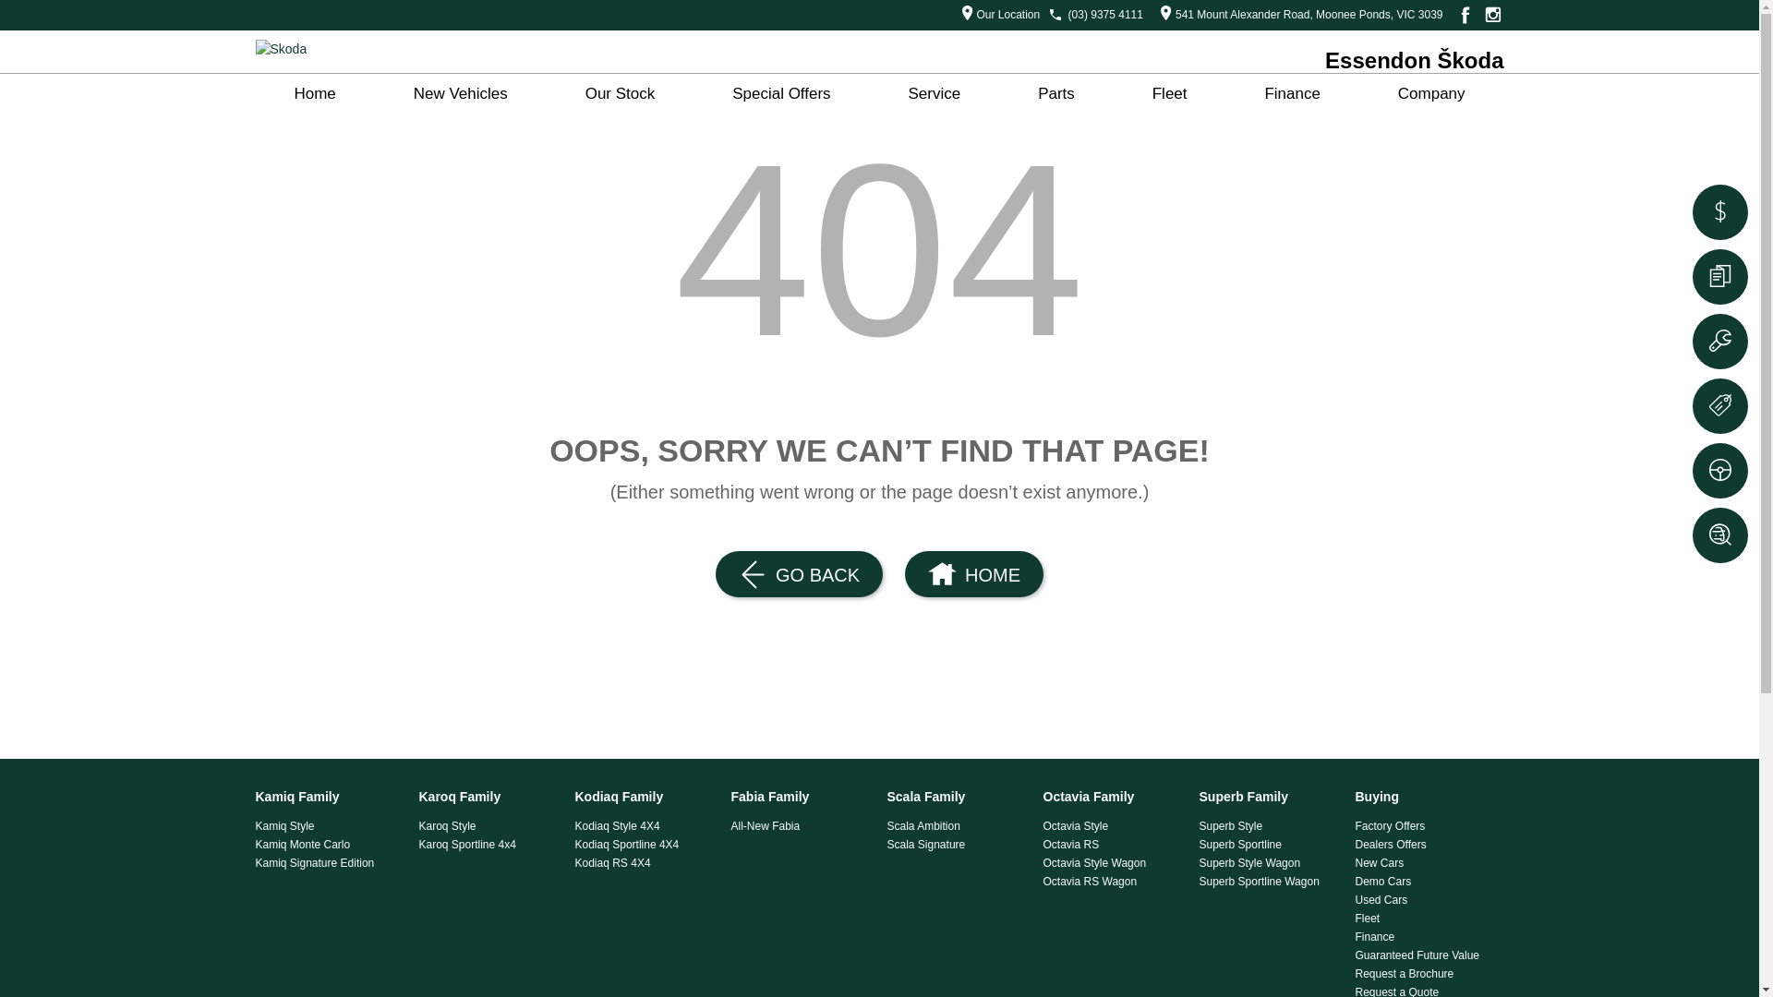 The image size is (1773, 997). I want to click on 'GO BACK', so click(799, 572).